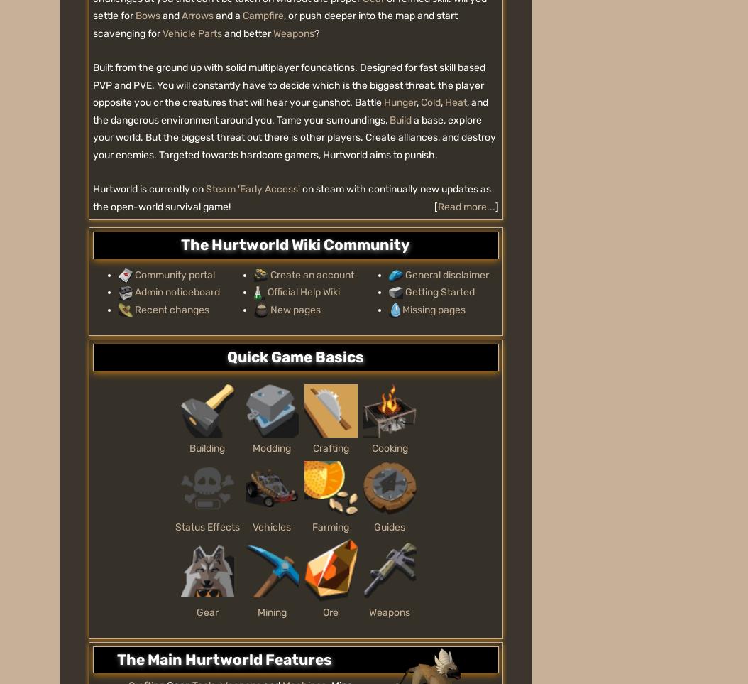 This screenshot has width=748, height=684. I want to click on 'Overview', so click(59, 190).